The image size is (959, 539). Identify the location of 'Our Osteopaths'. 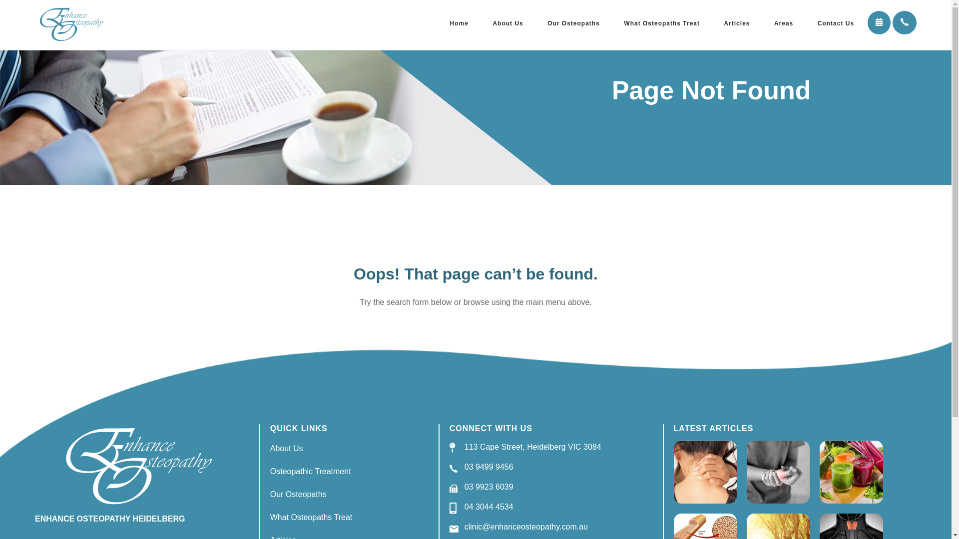
(298, 494).